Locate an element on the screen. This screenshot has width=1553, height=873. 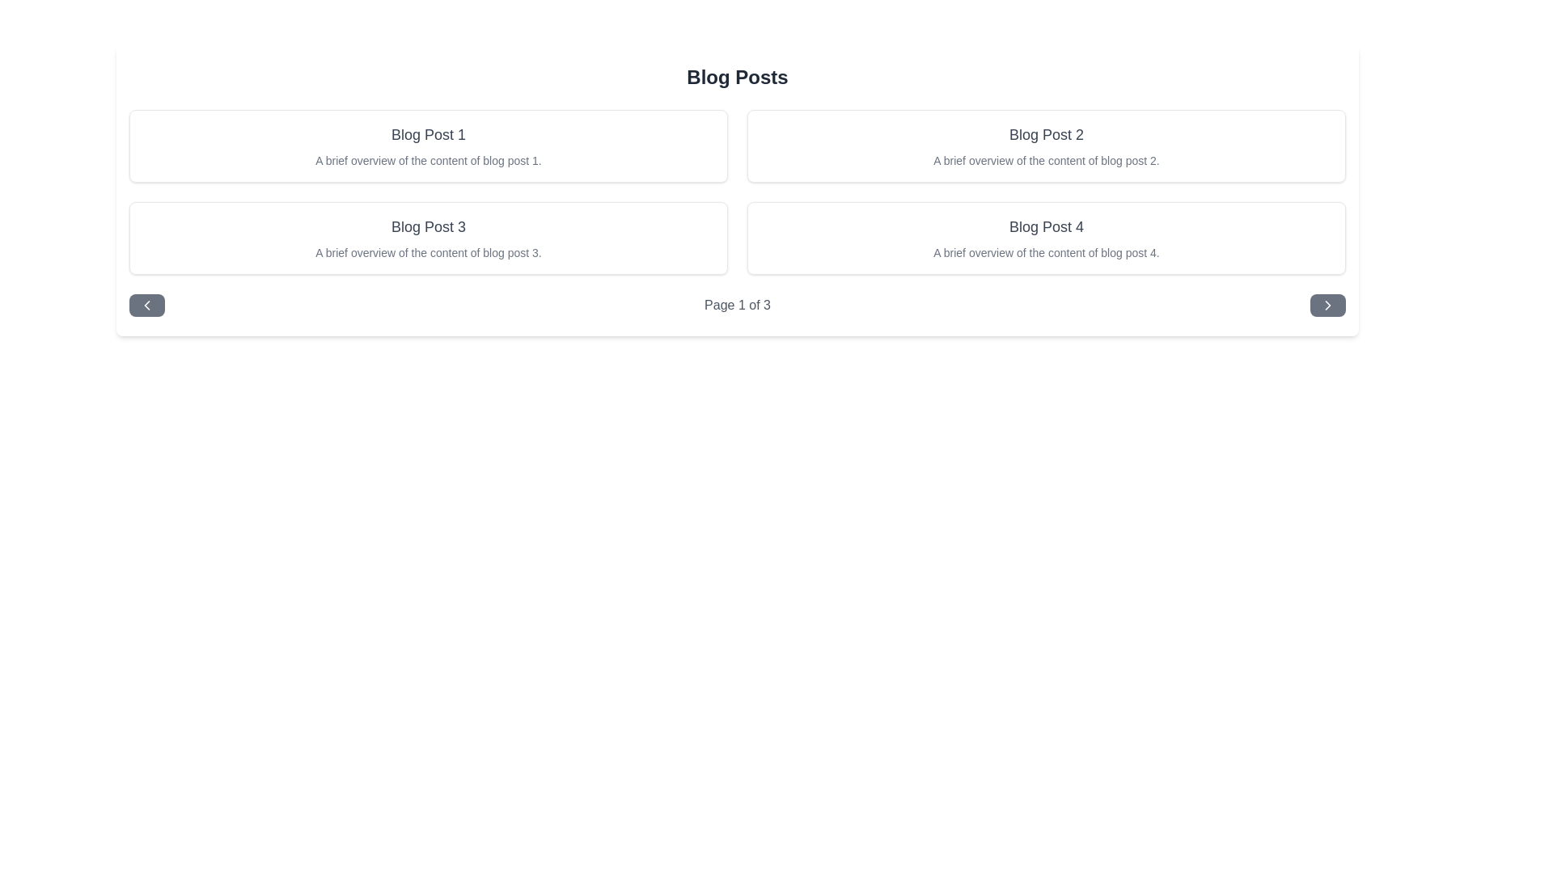
the Icon button located at the far left side of the navigation footer bar is located at coordinates (147, 306).